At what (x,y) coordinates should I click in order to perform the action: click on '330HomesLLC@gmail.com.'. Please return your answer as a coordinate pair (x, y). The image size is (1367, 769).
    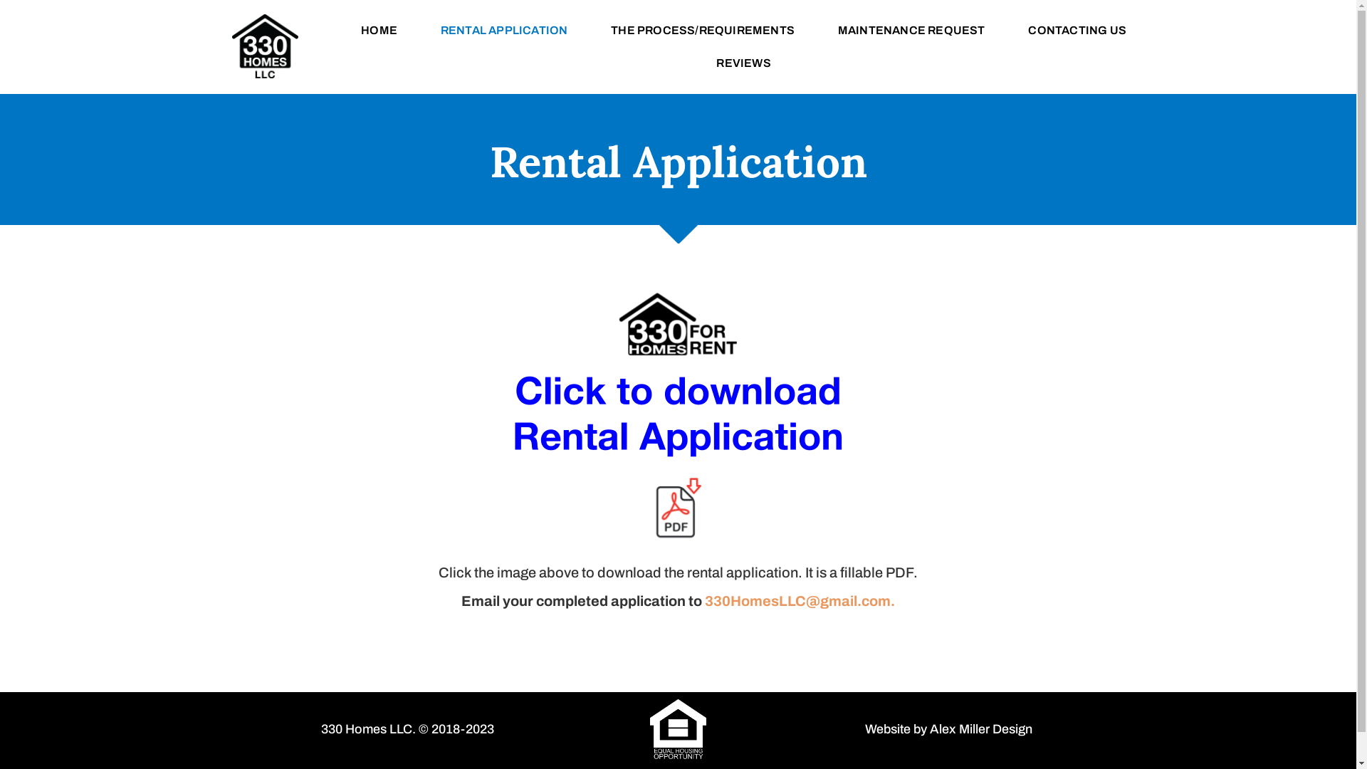
    Looking at the image, I should click on (800, 601).